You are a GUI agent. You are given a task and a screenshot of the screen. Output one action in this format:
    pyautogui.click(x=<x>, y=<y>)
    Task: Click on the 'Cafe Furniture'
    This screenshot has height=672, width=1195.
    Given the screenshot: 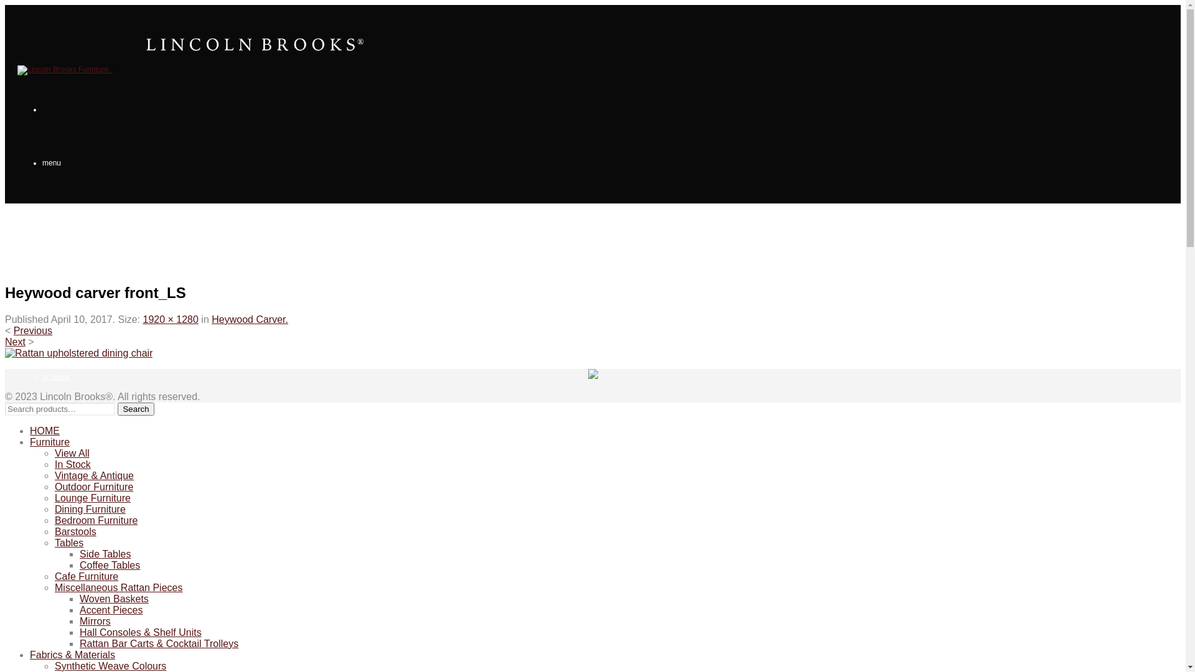 What is the action you would take?
    pyautogui.click(x=86, y=576)
    